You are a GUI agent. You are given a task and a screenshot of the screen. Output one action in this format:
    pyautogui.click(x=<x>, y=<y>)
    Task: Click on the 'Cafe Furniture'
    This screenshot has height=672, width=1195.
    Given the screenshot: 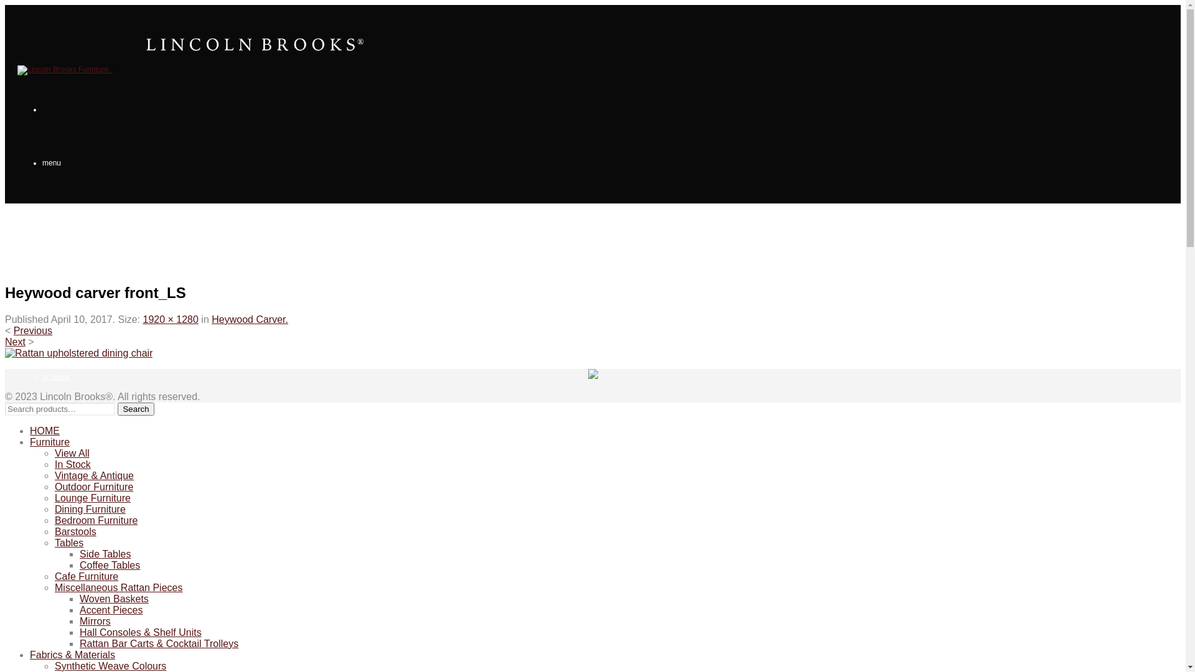 What is the action you would take?
    pyautogui.click(x=86, y=576)
    